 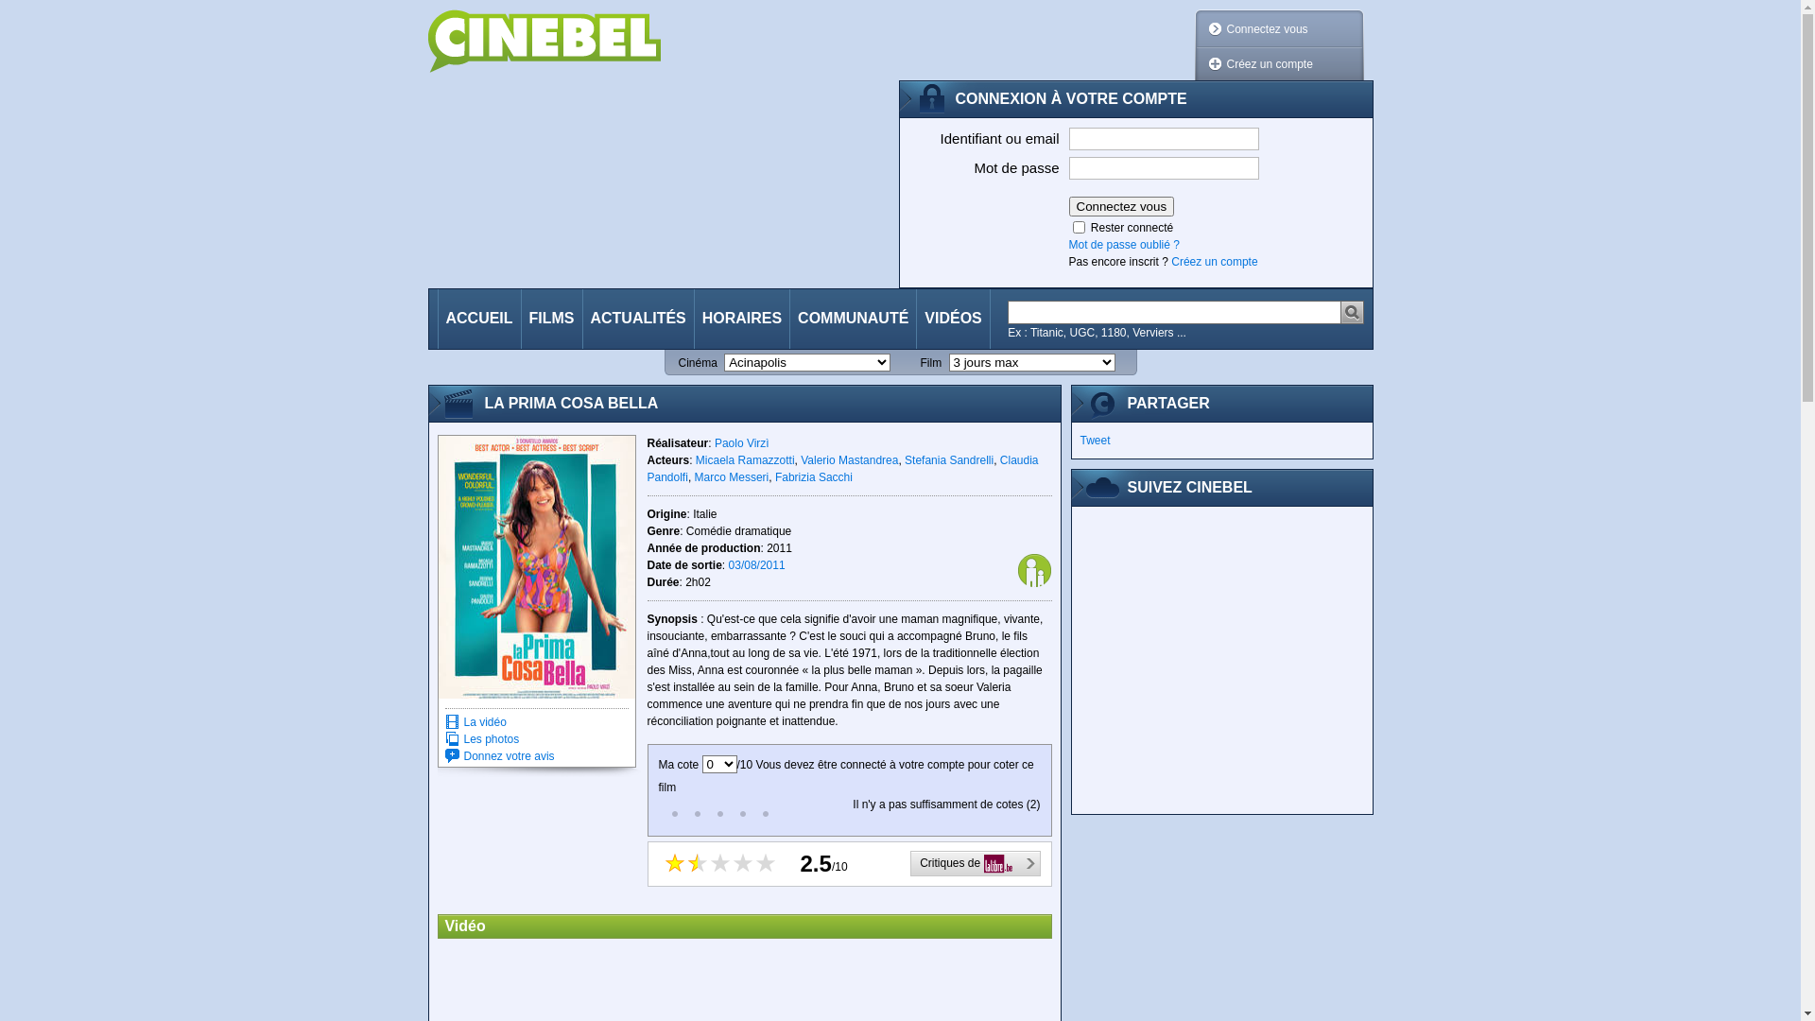 I want to click on 'Claudia Pandolfi', so click(x=841, y=468).